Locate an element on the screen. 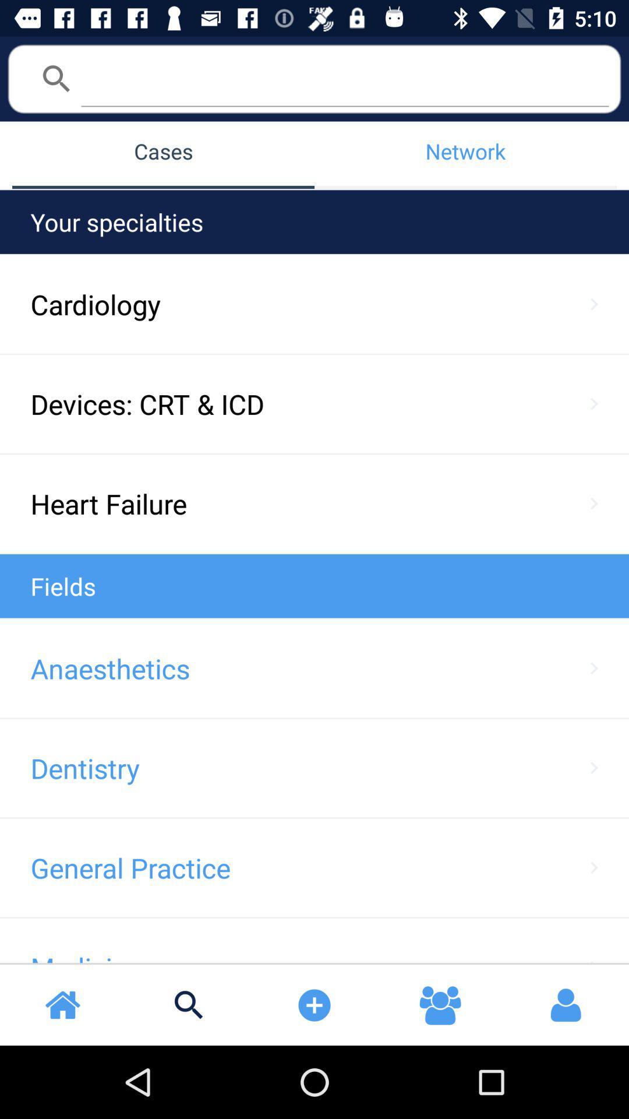 This screenshot has height=1119, width=629. search option is located at coordinates (344, 78).